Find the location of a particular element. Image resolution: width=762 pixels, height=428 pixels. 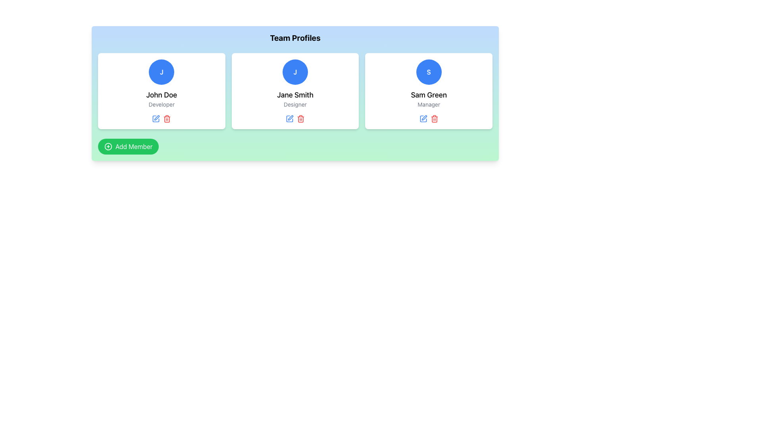

the edit icon button representing 'Jane Smith's profile' in the 'Team Profiles' section is located at coordinates (289, 119).